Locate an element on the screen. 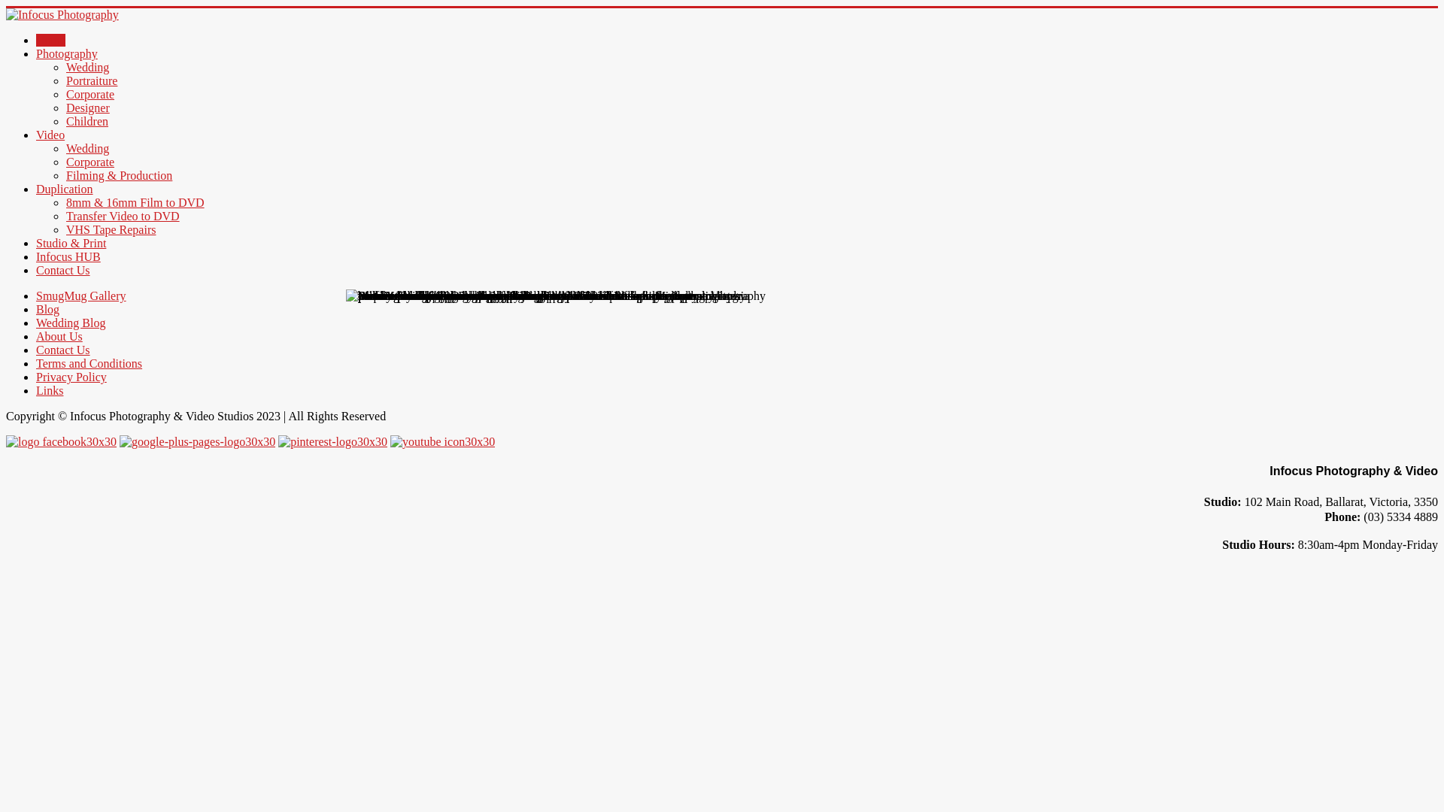 The width and height of the screenshot is (1444, 812). 'About Us' is located at coordinates (59, 335).